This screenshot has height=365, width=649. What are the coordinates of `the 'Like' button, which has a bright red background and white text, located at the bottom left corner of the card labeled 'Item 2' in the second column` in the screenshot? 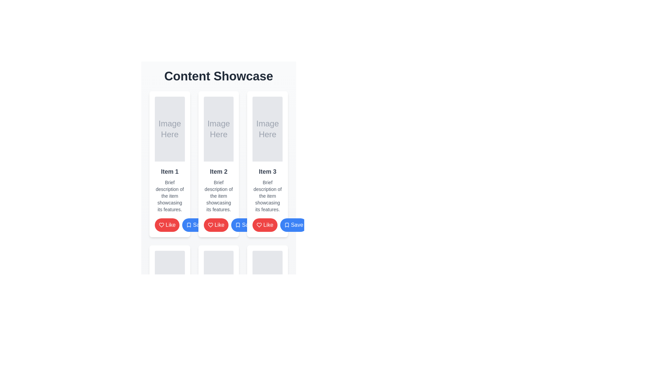 It's located at (167, 225).